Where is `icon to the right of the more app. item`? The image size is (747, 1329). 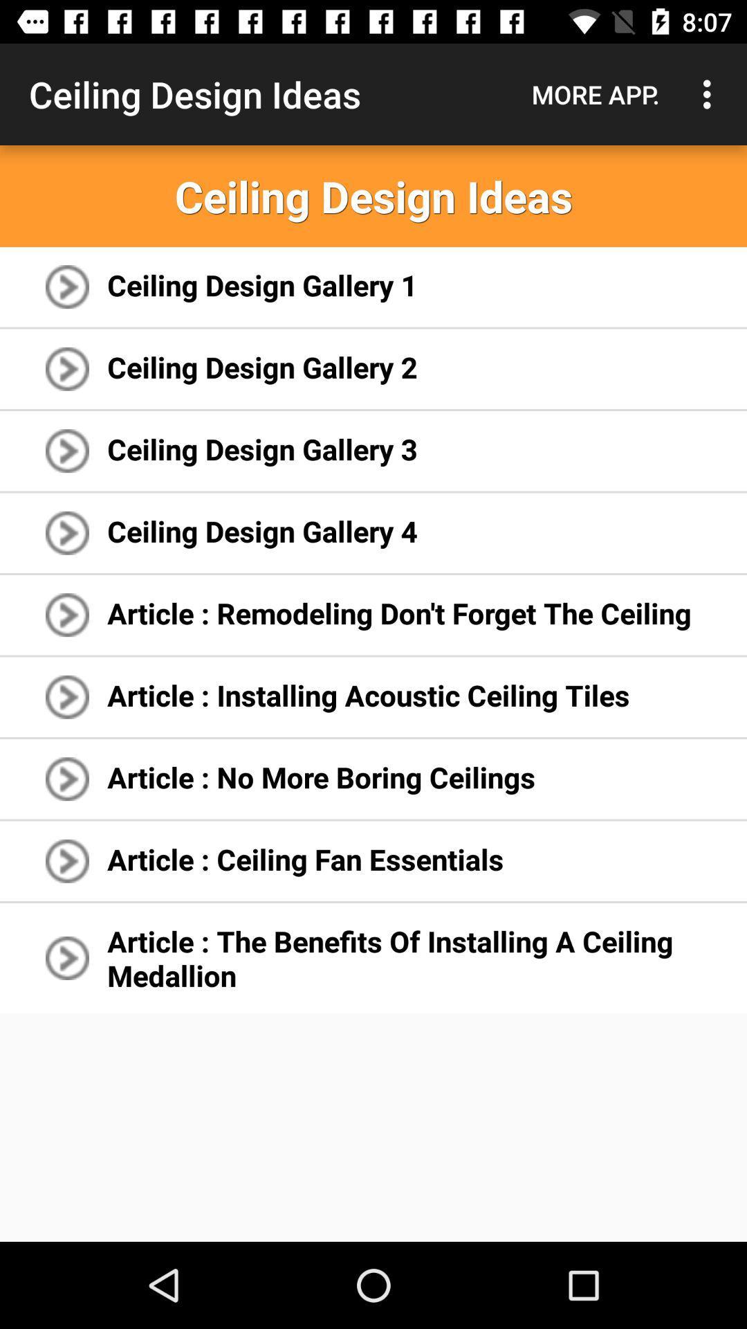 icon to the right of the more app. item is located at coordinates (710, 93).